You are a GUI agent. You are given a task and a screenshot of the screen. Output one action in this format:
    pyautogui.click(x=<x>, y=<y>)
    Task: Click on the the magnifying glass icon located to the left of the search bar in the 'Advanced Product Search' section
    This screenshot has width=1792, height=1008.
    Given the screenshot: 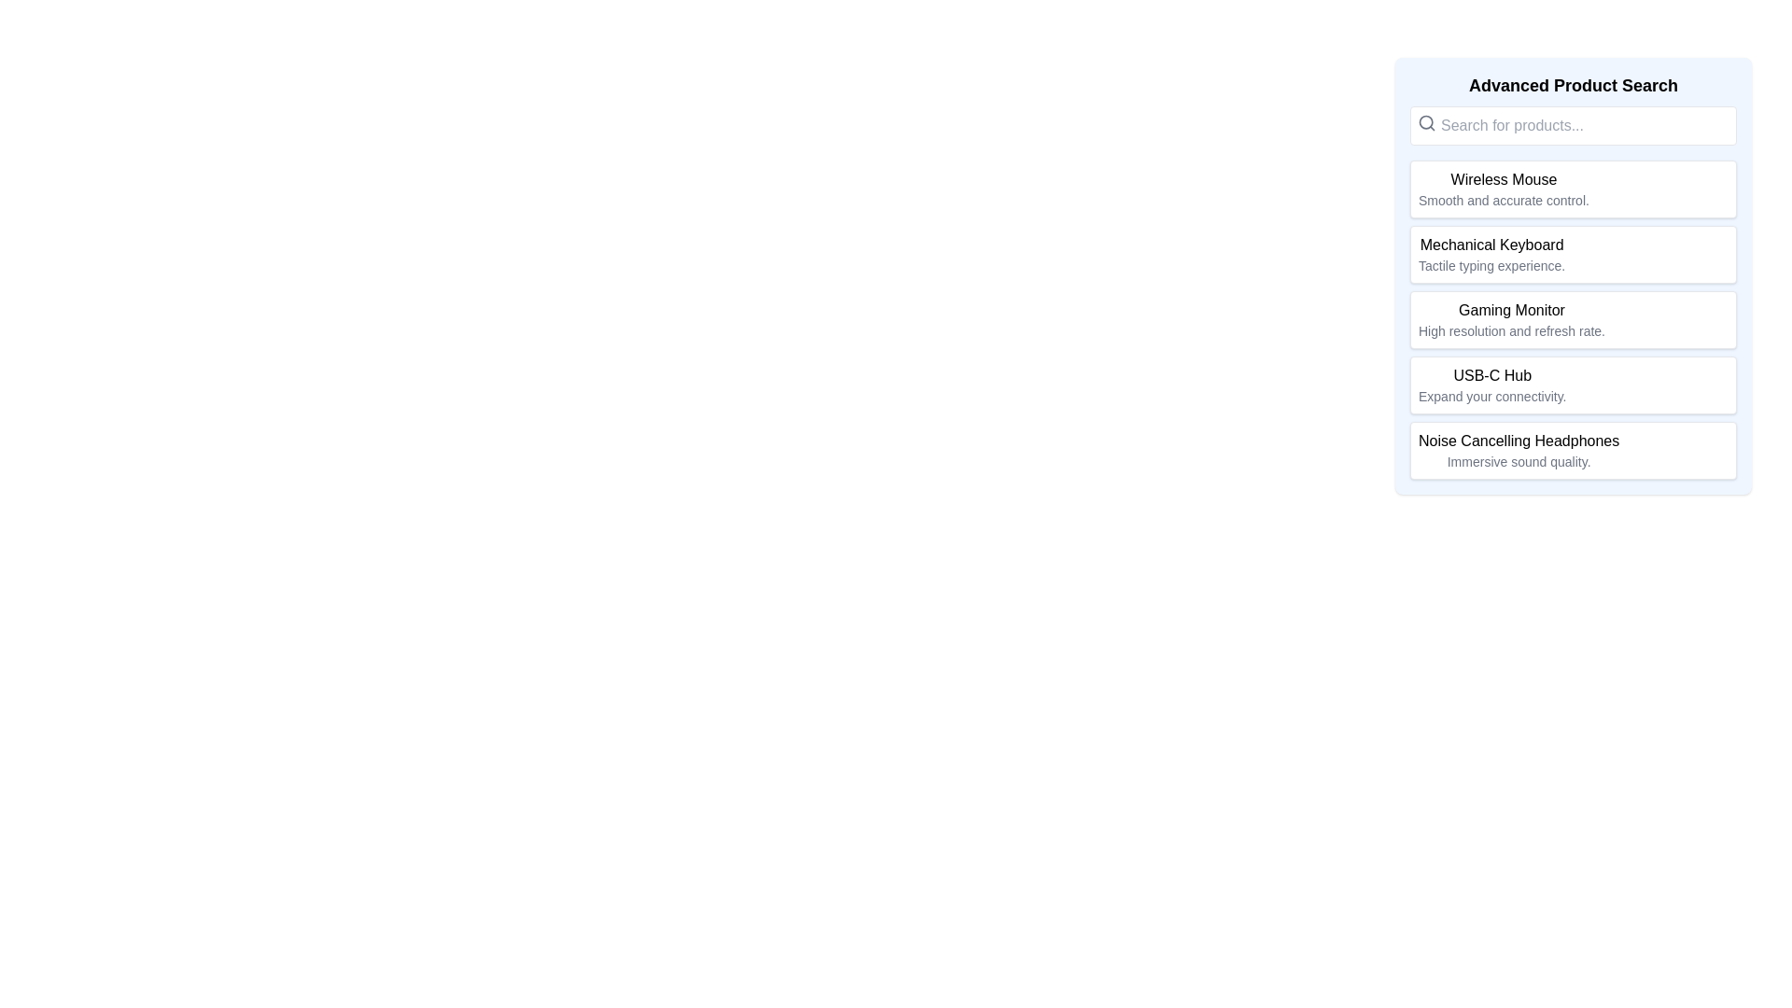 What is the action you would take?
    pyautogui.click(x=1426, y=122)
    